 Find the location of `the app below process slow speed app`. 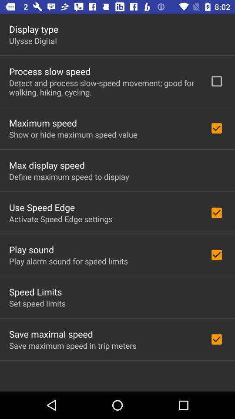

the app below process slow speed app is located at coordinates (104, 87).